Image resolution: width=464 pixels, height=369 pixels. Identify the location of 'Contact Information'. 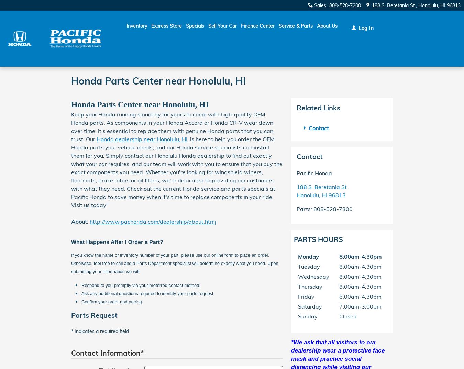
(105, 352).